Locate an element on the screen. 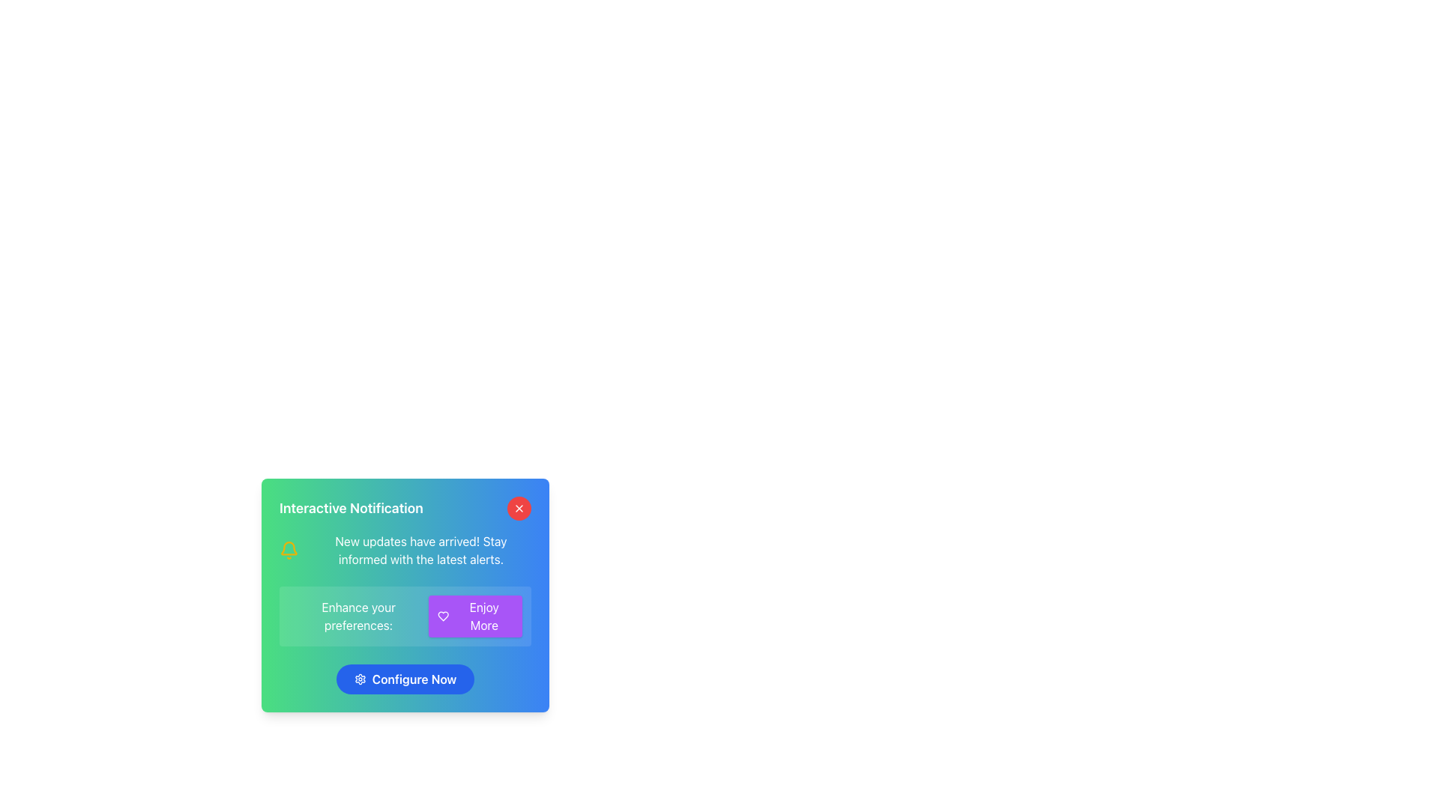  the notification icon is located at coordinates (289, 551).